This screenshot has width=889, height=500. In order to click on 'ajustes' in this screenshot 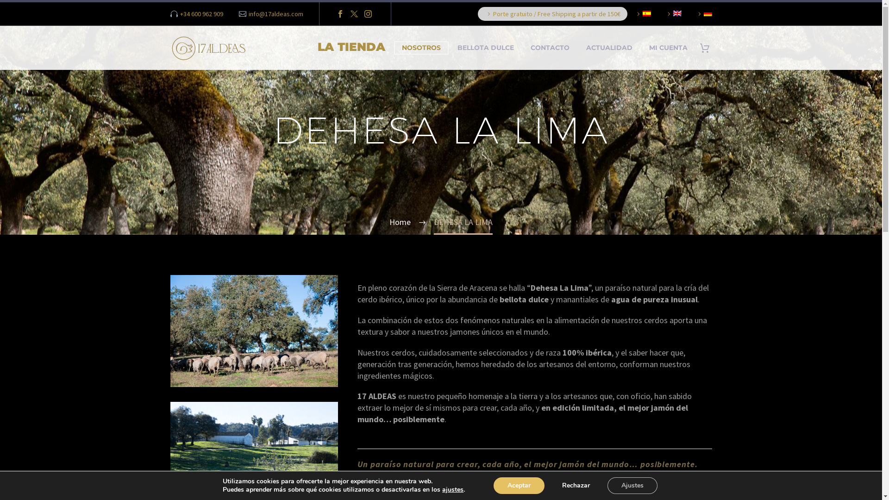, I will do `click(453, 489)`.